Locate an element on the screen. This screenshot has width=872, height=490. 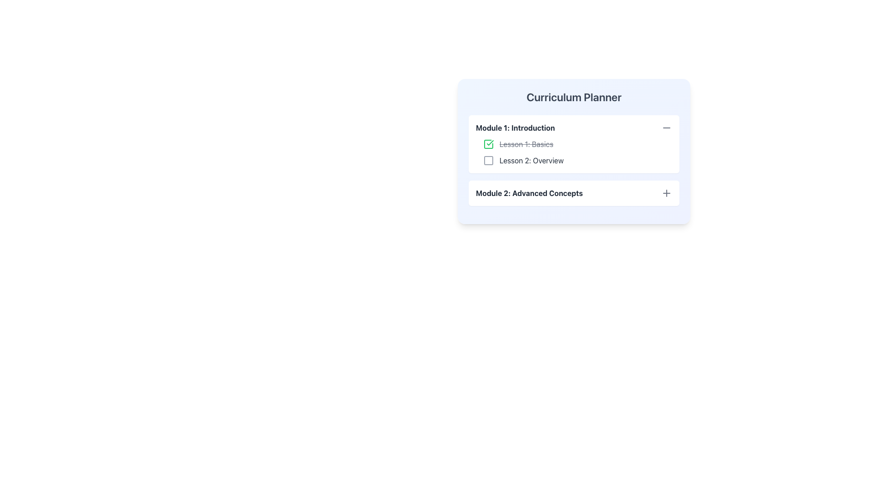
the square icon indicating state, located to the left of the text 'Lesson 2: Overview' in the 'Module 1: Introduction' section is located at coordinates (488, 160).